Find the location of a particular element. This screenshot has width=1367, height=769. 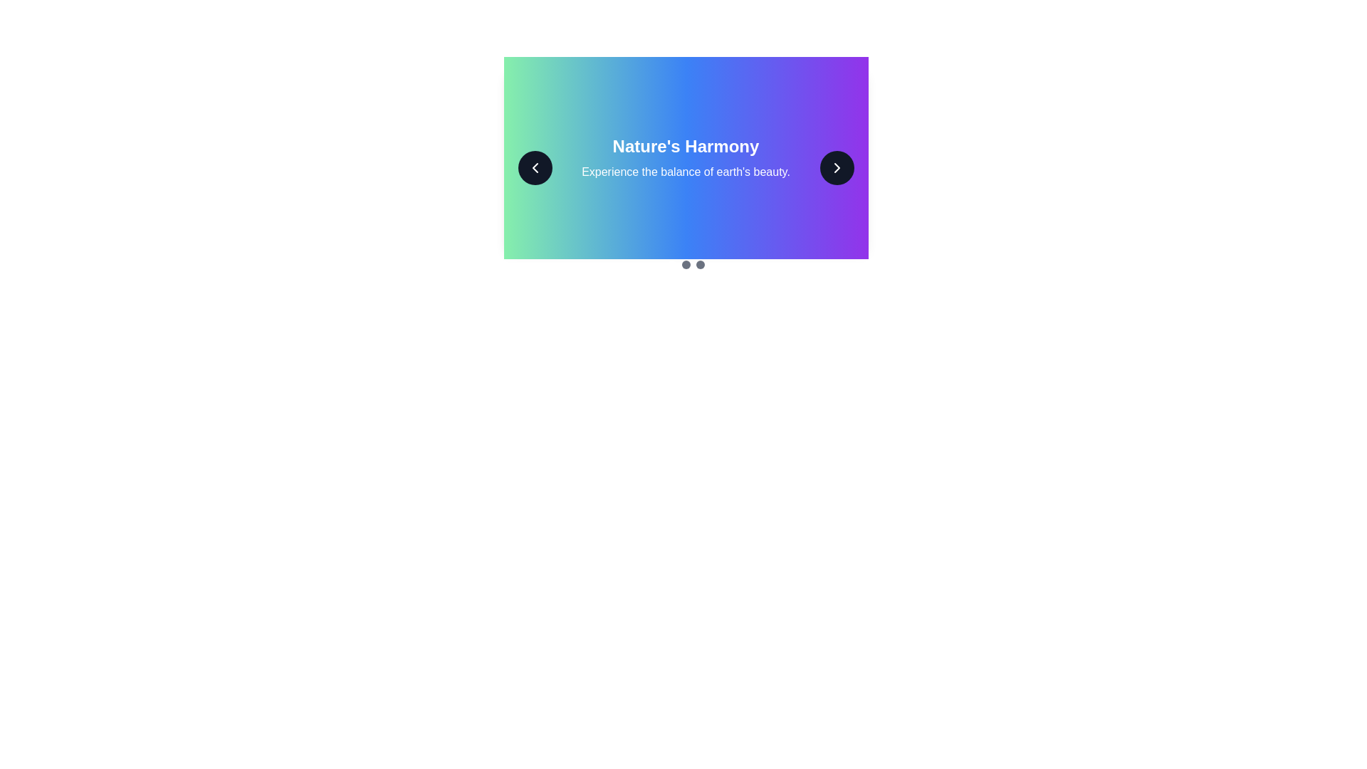

the small, right-pointing chevron icon located inside the dark circular button in the top-right corner of the color gradient box element is located at coordinates (837, 167).